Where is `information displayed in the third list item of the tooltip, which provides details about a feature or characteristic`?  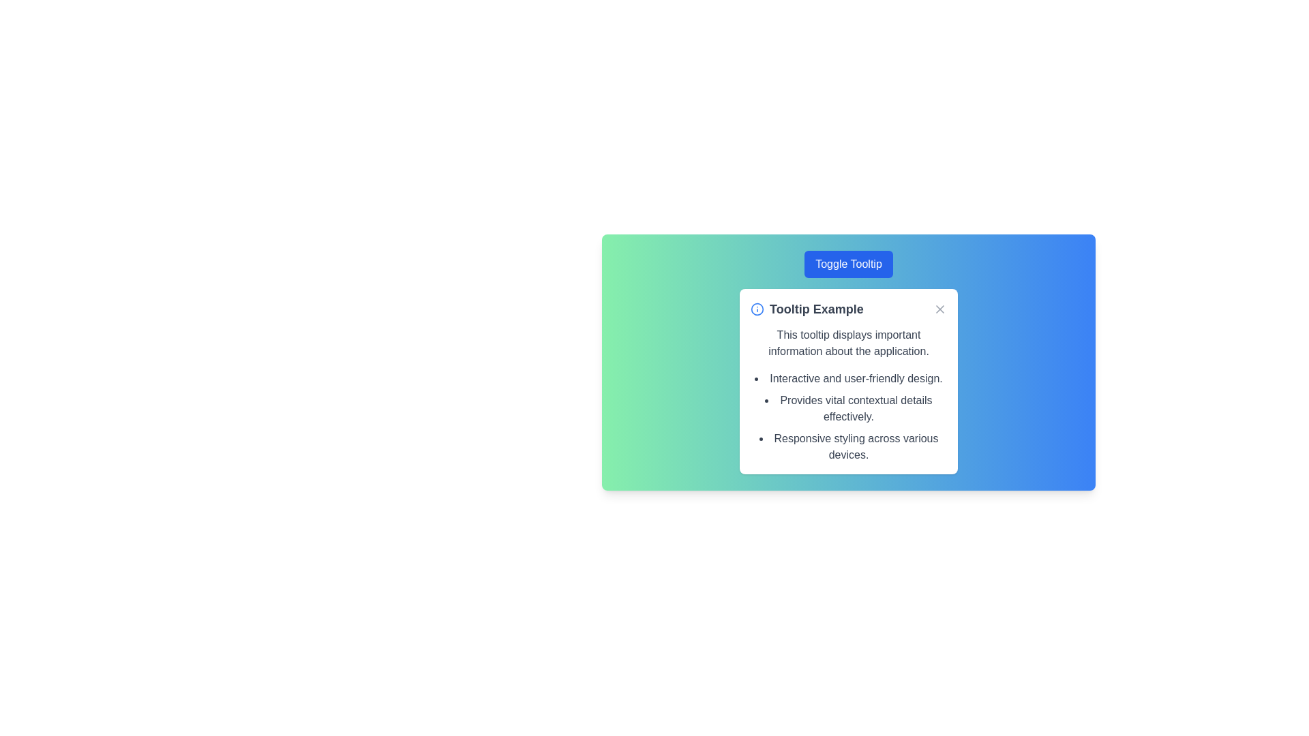
information displayed in the third list item of the tooltip, which provides details about a feature or characteristic is located at coordinates (847, 446).